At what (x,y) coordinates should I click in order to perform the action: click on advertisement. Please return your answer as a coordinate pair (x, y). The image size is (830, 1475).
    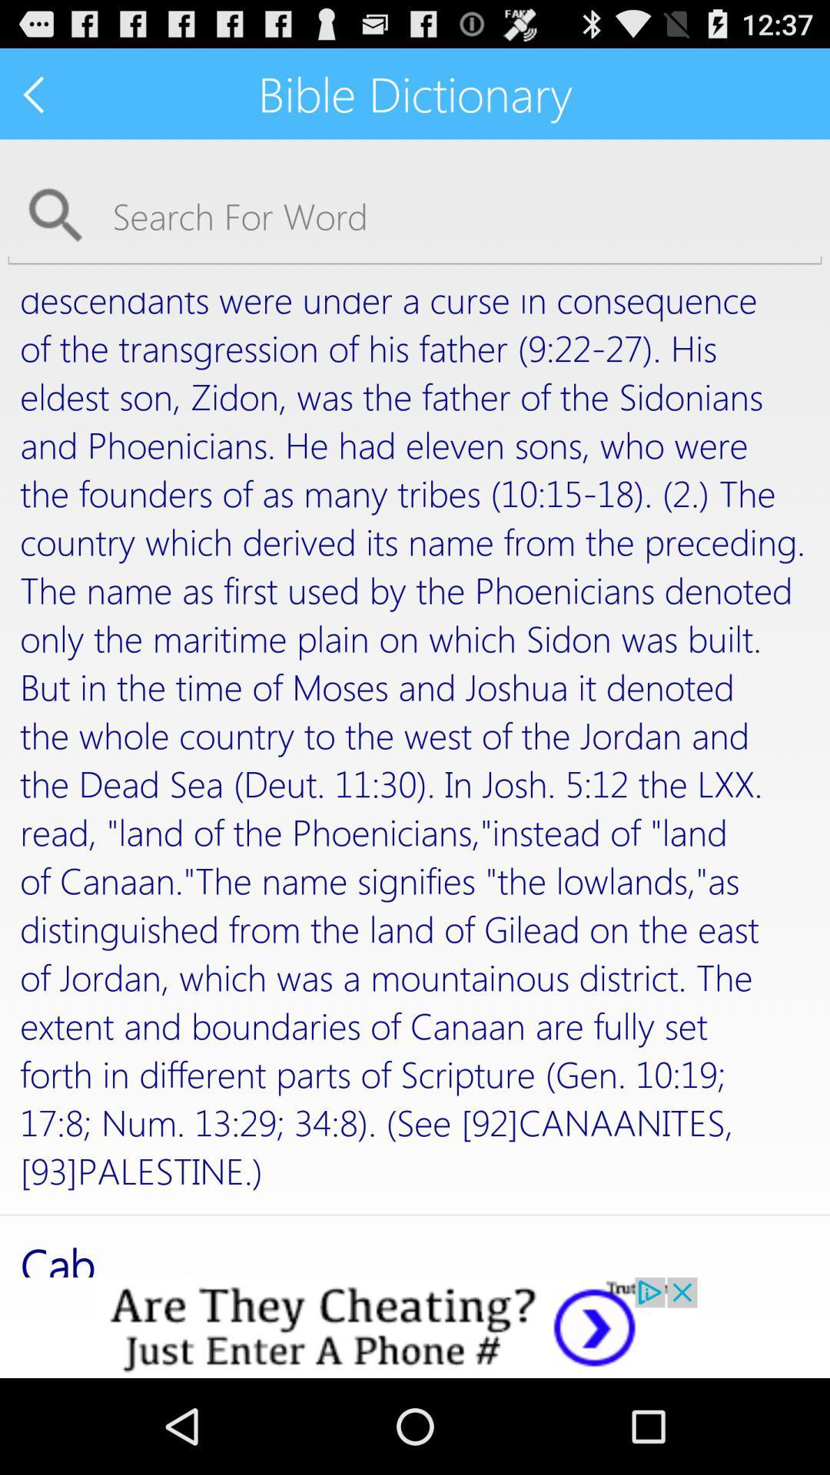
    Looking at the image, I should click on (415, 1327).